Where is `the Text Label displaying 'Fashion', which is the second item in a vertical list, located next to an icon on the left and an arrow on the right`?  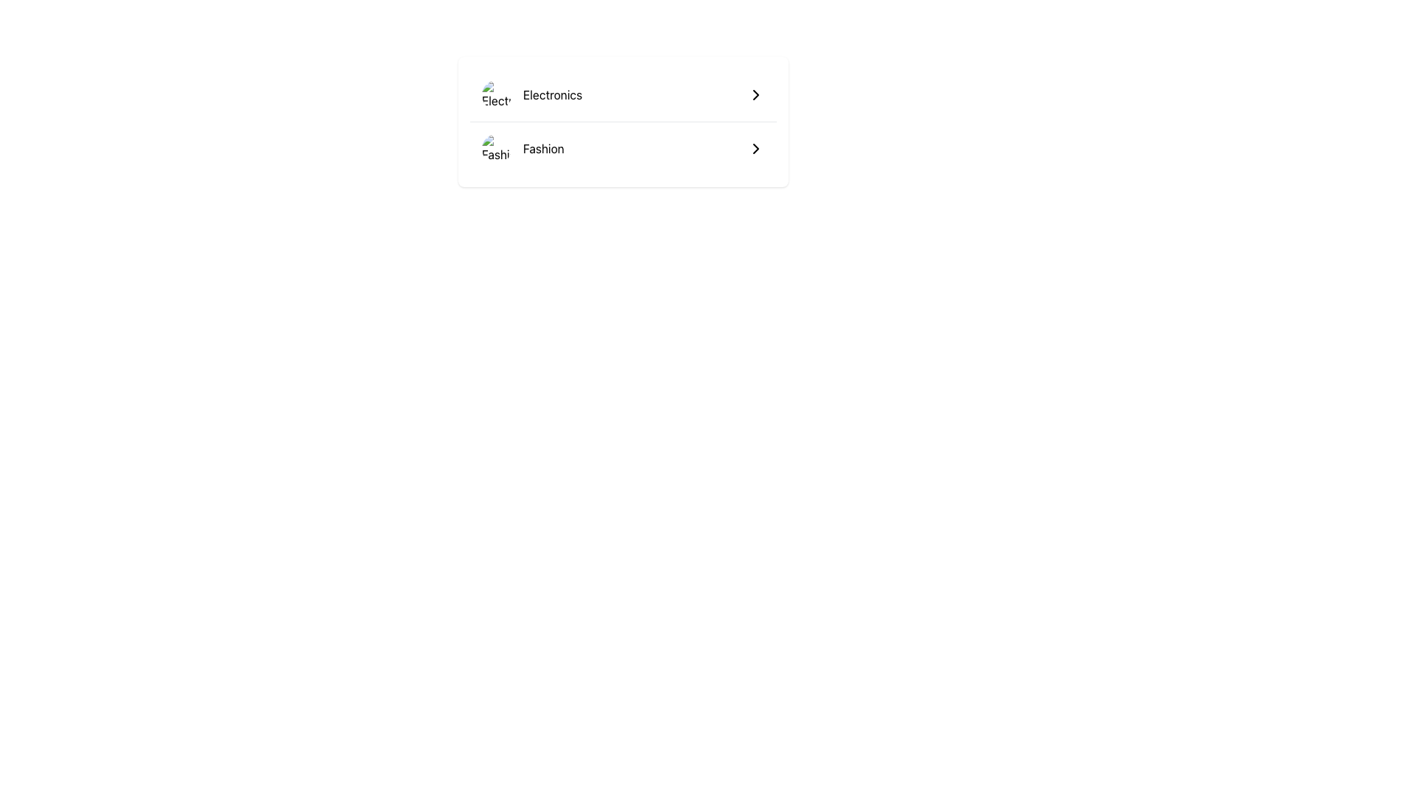
the Text Label displaying 'Fashion', which is the second item in a vertical list, located next to an icon on the left and an arrow on the right is located at coordinates (542, 148).